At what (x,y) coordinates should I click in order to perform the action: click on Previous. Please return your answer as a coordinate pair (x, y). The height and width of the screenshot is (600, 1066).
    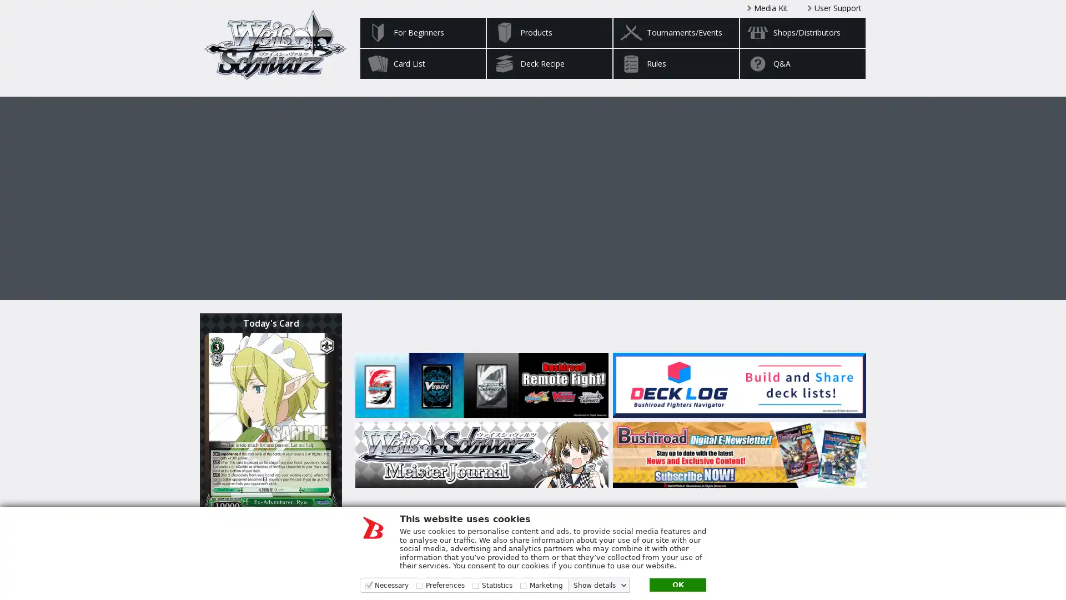
    Looking at the image, I should click on (330, 191).